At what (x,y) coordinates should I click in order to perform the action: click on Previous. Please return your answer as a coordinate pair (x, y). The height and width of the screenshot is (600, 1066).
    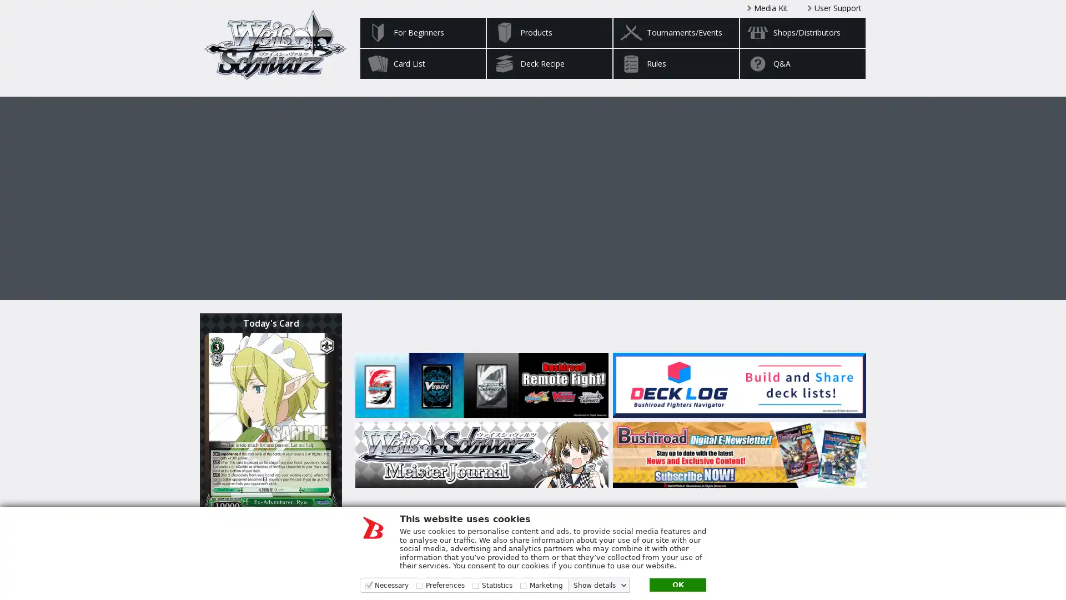
    Looking at the image, I should click on (330, 191).